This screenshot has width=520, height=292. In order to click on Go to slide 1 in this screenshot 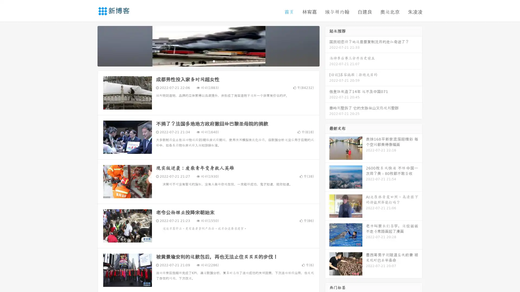, I will do `click(203, 61)`.